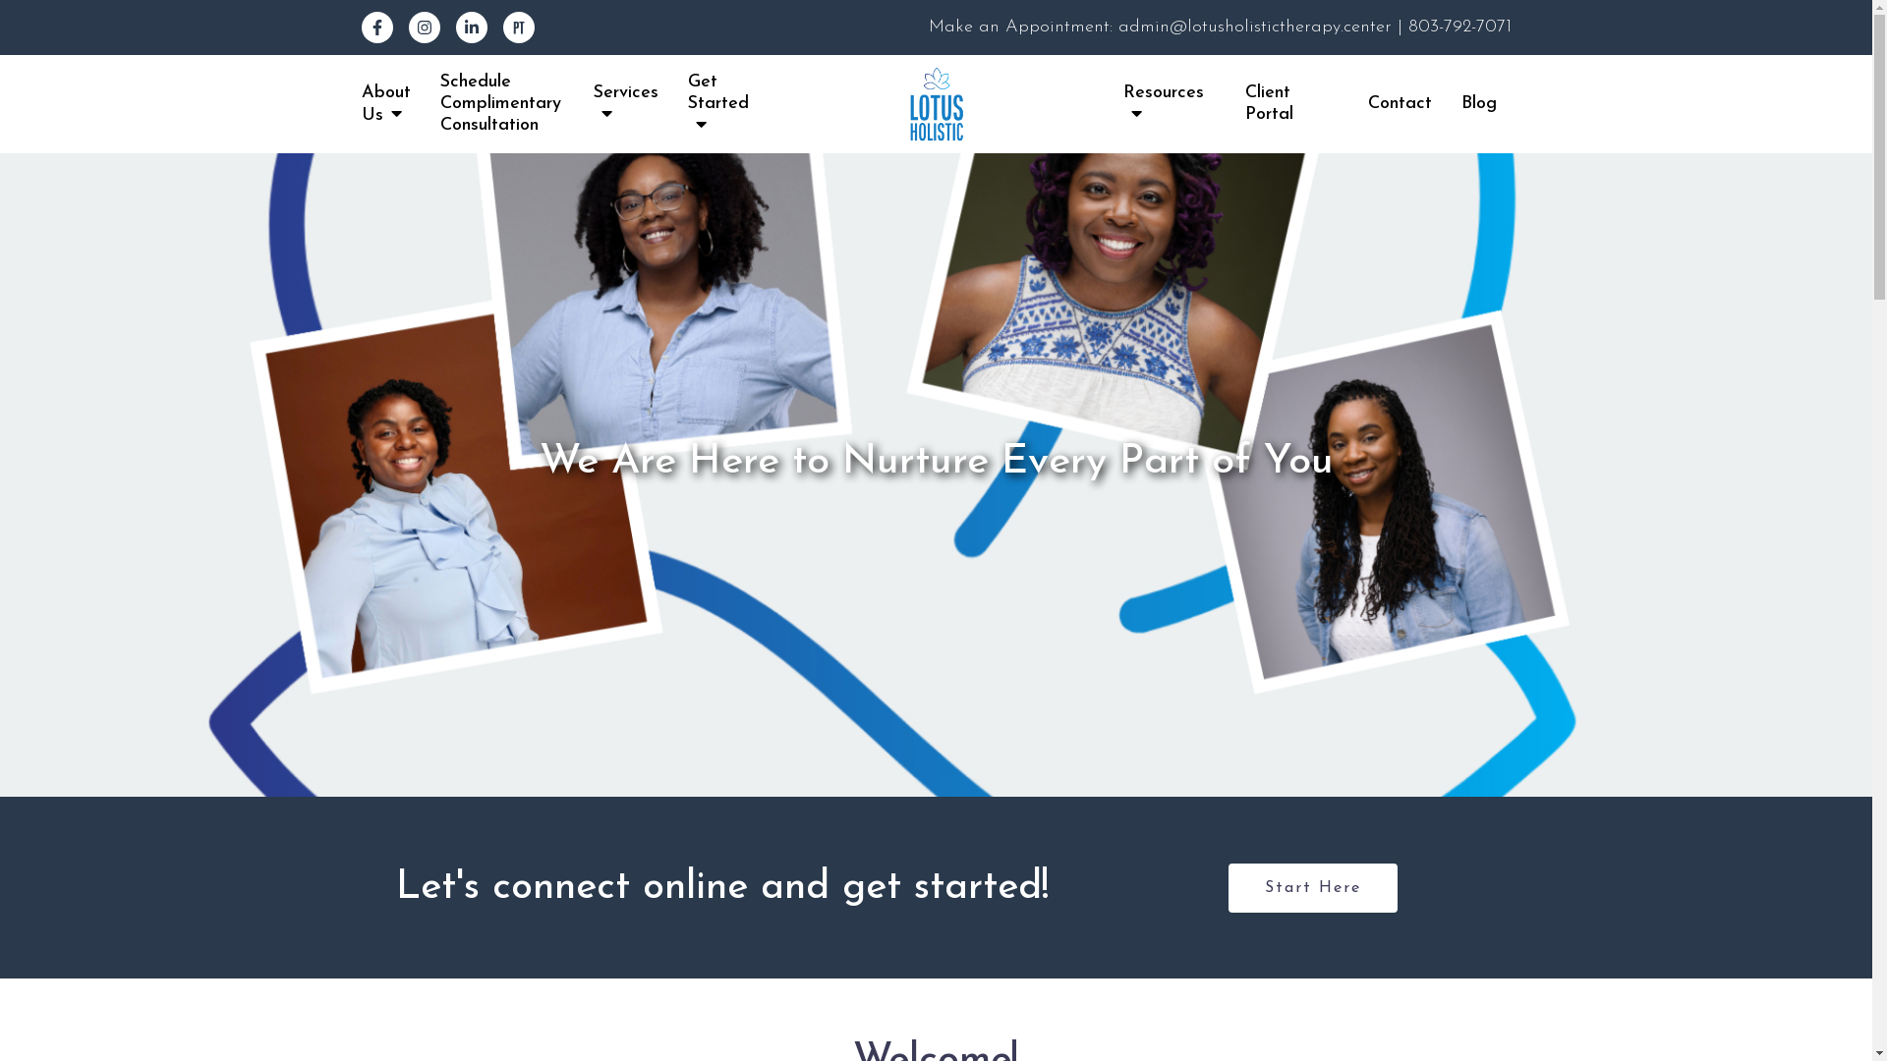 The image size is (1887, 1061). What do you see at coordinates (1244, 103) in the screenshot?
I see `'Client Portal'` at bounding box center [1244, 103].